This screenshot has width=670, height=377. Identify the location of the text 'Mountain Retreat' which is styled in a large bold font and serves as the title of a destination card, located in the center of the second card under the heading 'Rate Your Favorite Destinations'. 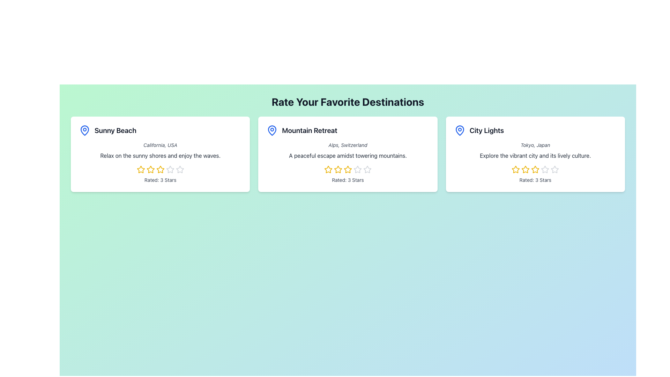
(309, 131).